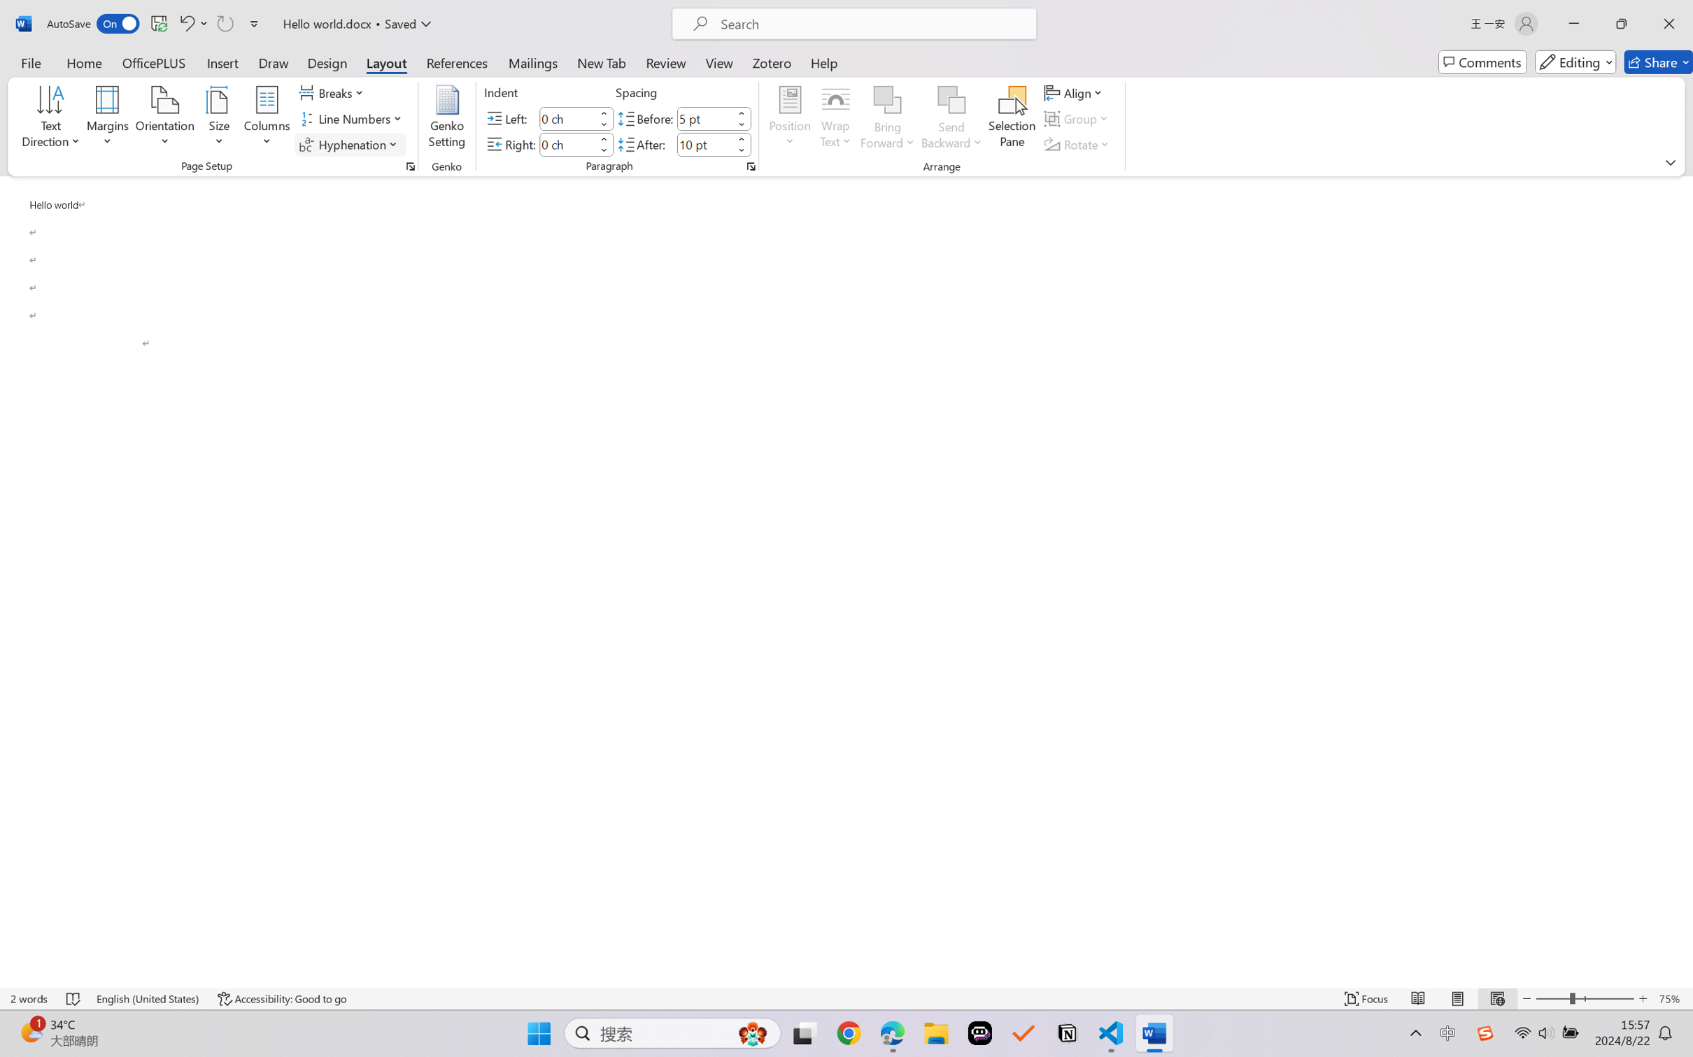  What do you see at coordinates (888, 119) in the screenshot?
I see `'Bring Forward'` at bounding box center [888, 119].